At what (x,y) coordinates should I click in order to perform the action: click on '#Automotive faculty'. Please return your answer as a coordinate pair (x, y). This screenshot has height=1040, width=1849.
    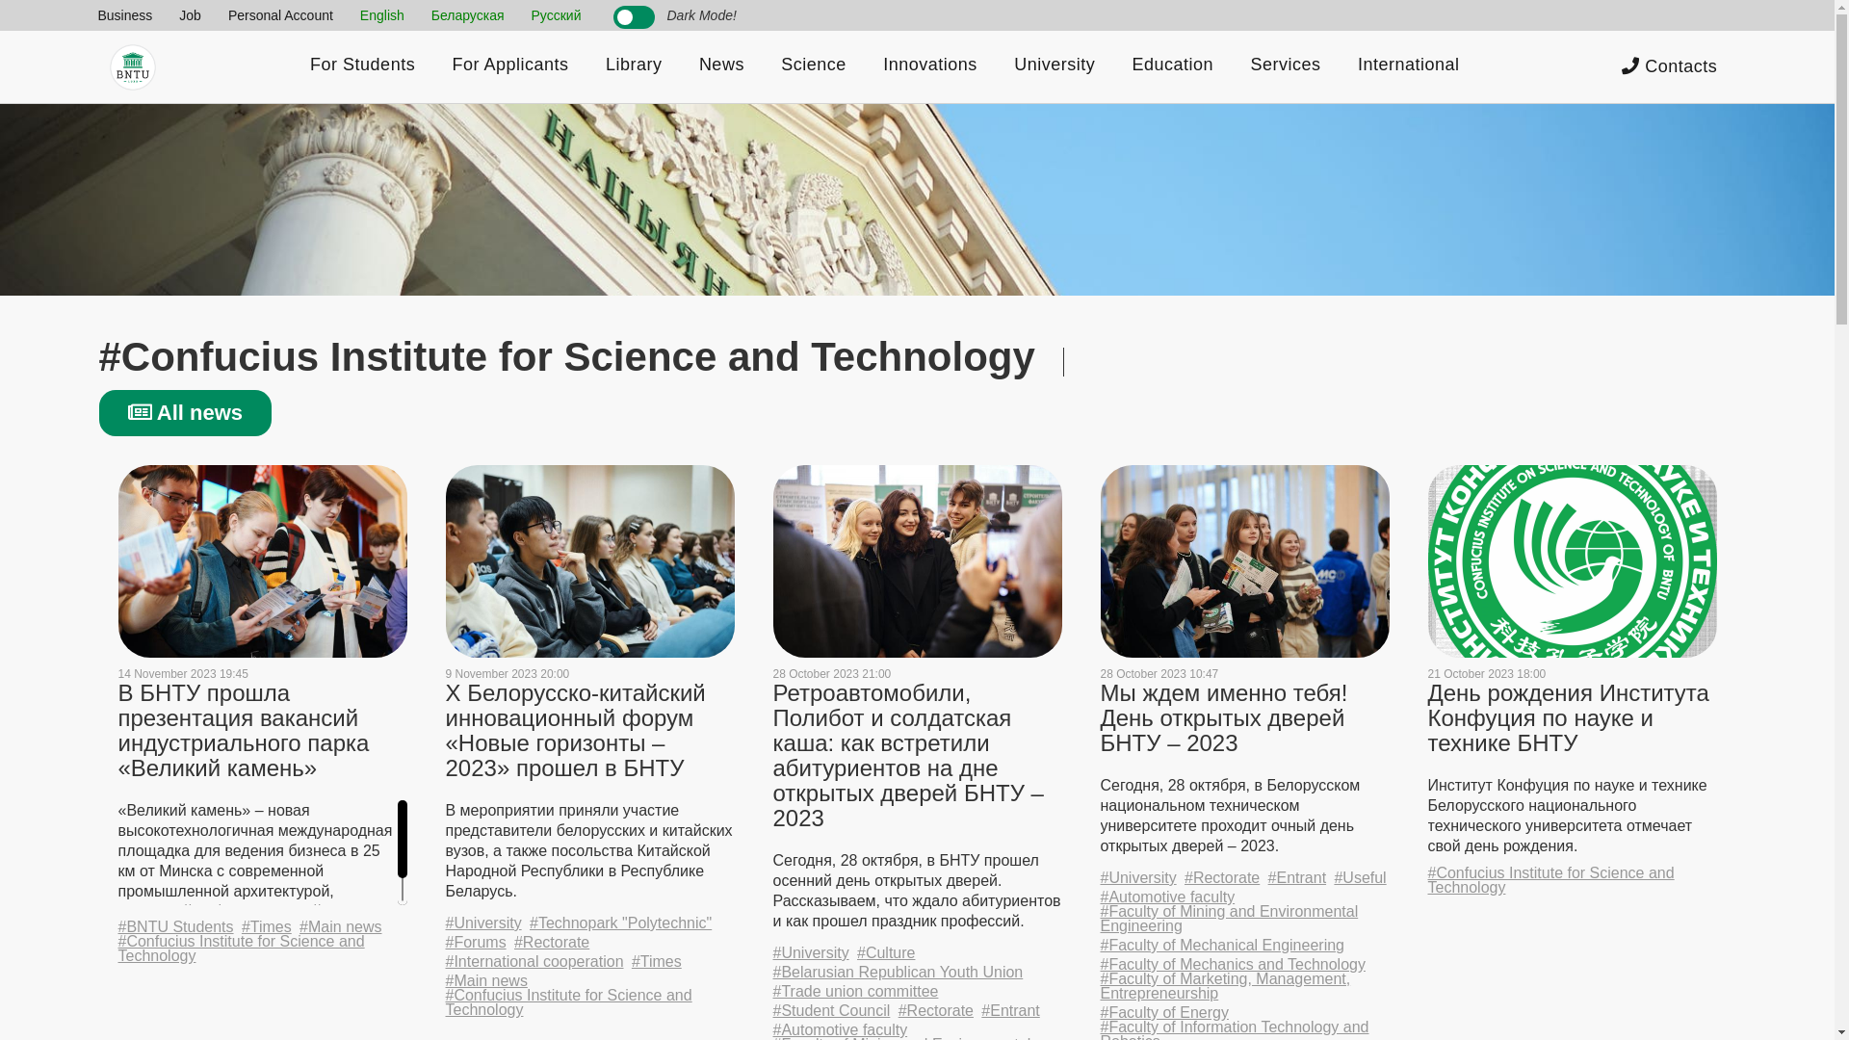
    Looking at the image, I should click on (840, 1028).